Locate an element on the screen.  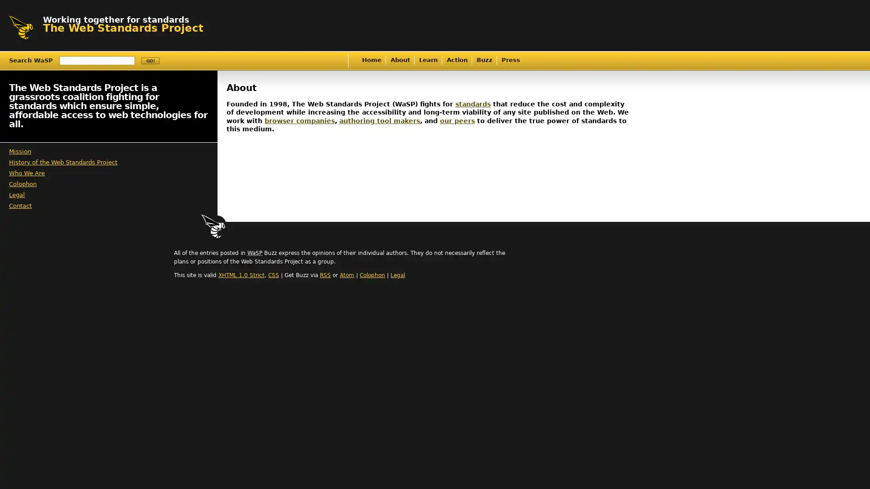
Go! is located at coordinates (150, 61).